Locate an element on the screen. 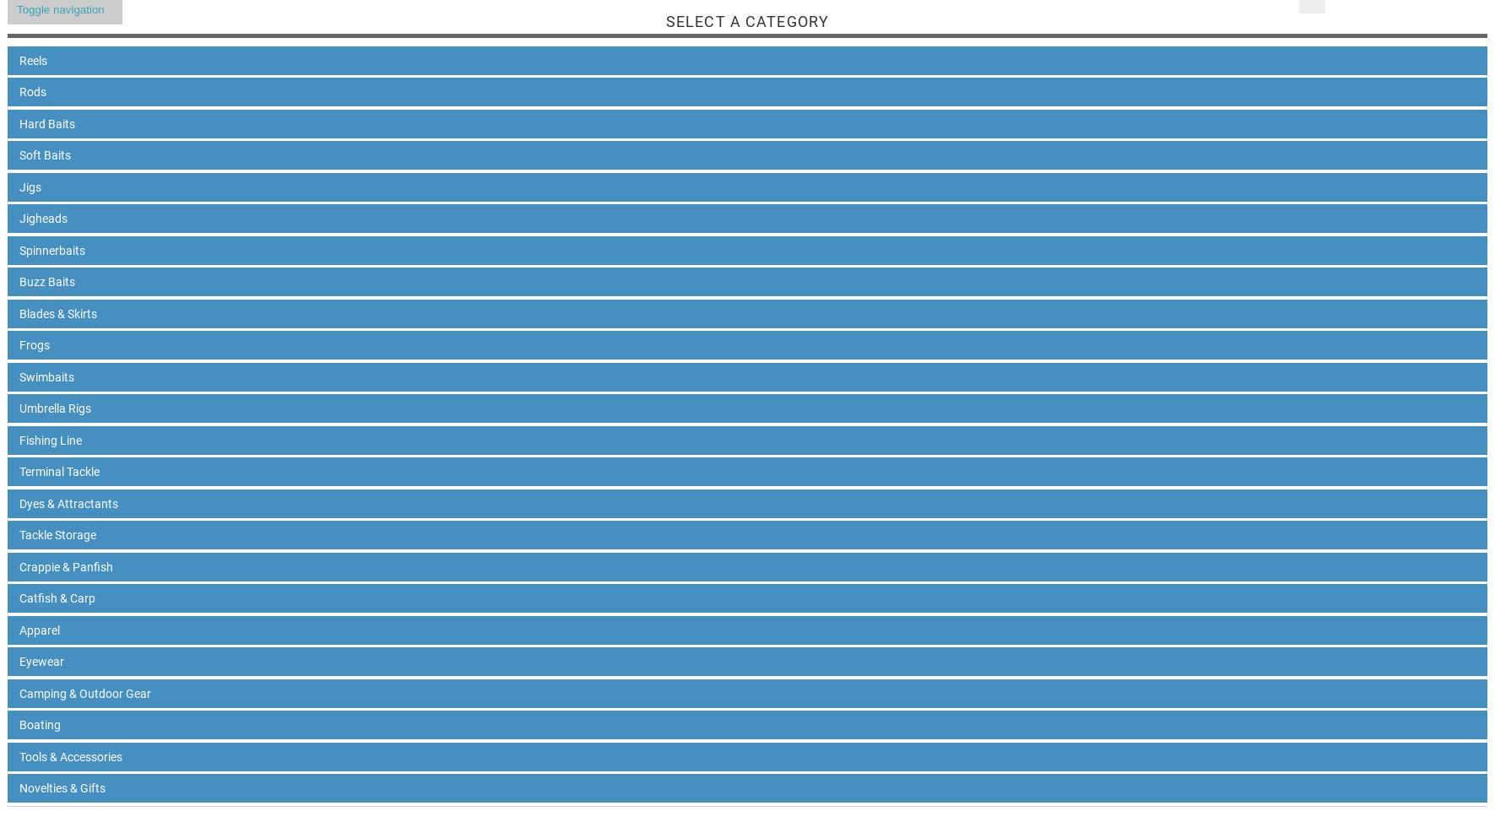  'Hard Baits' is located at coordinates (46, 122).